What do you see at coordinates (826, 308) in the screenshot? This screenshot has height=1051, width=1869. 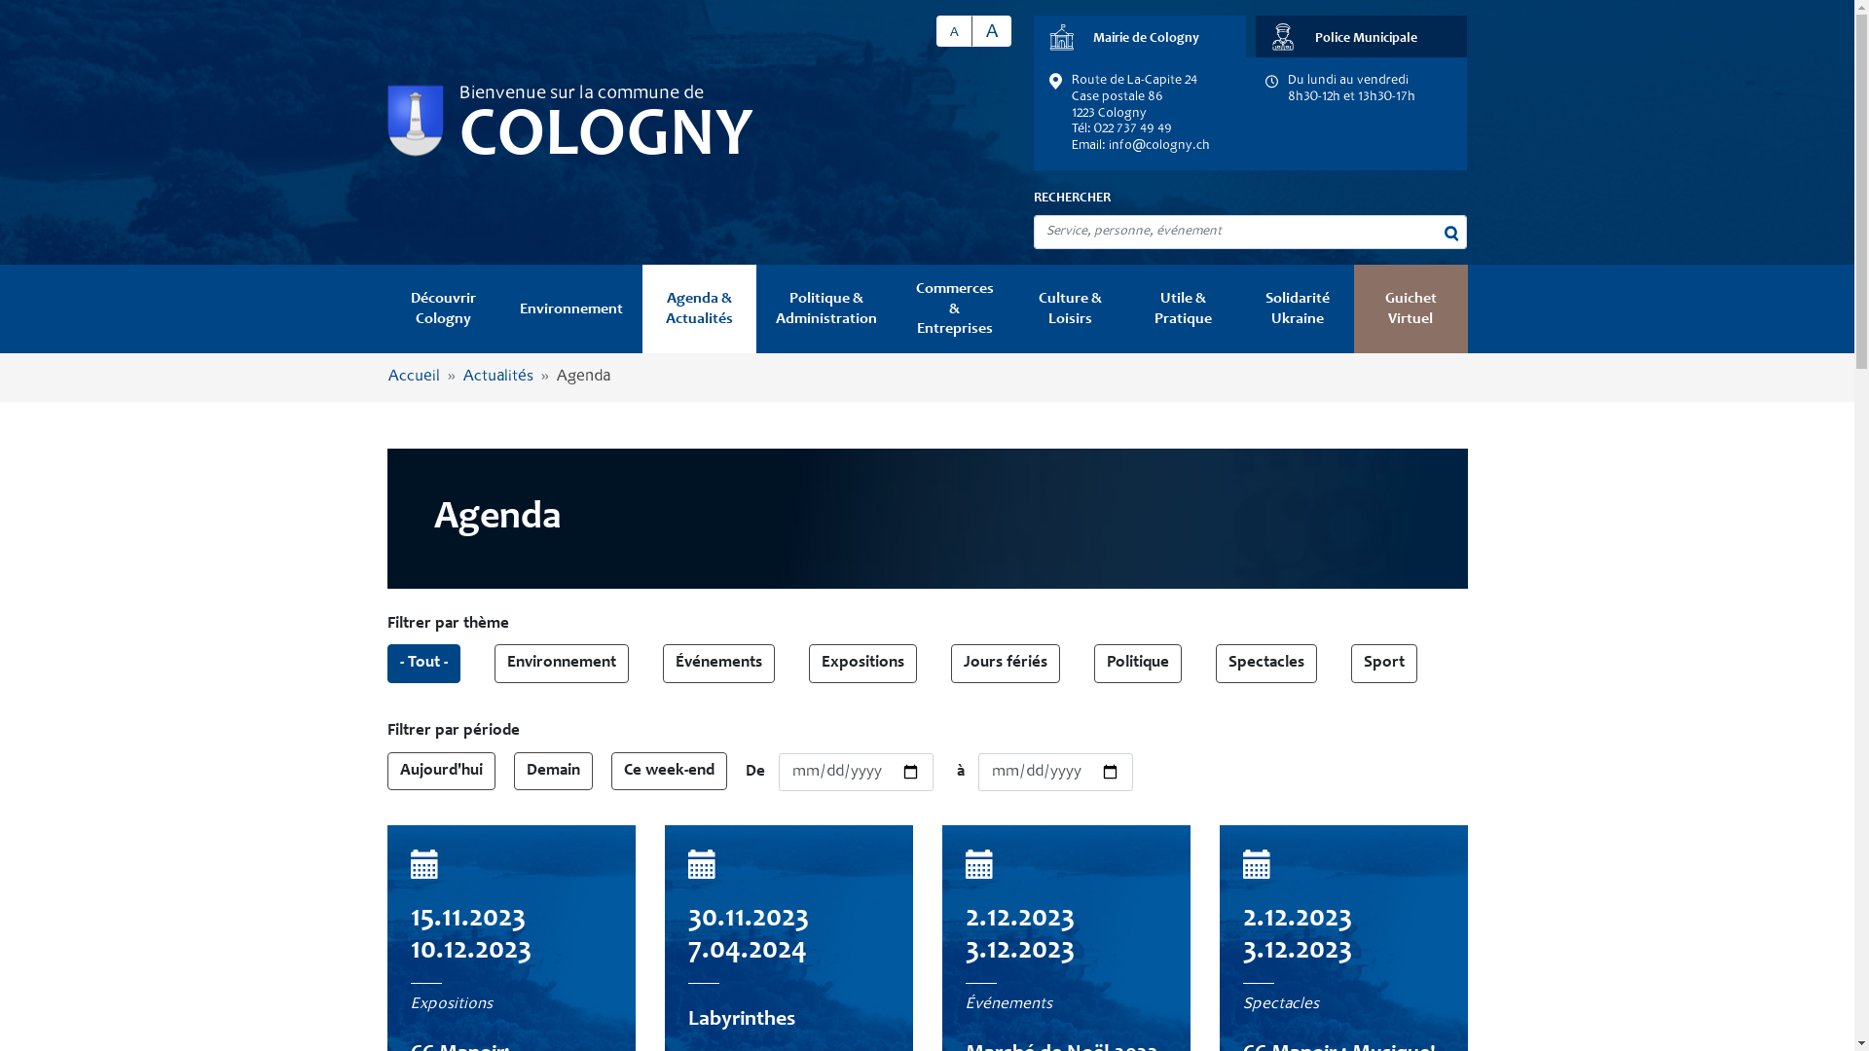 I see `'Politique & Administration'` at bounding box center [826, 308].